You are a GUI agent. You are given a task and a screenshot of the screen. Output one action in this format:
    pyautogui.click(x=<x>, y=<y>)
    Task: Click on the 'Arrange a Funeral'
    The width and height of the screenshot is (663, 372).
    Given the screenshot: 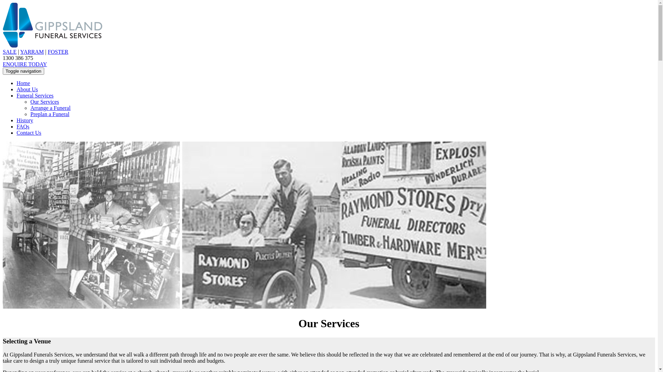 What is the action you would take?
    pyautogui.click(x=50, y=108)
    